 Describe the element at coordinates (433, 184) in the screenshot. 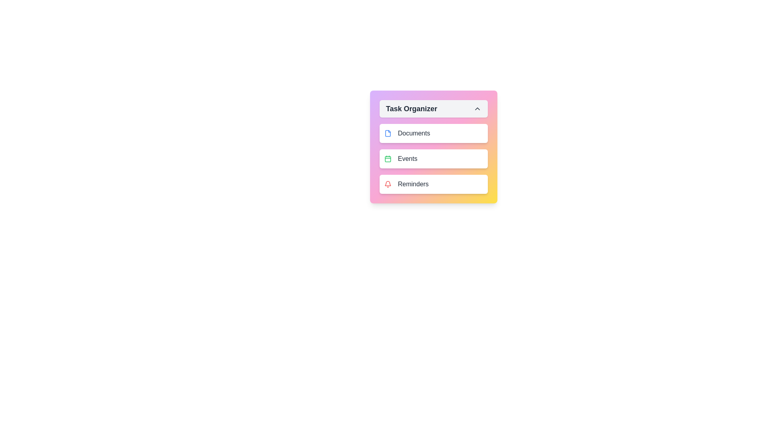

I see `the task item Reminders` at that location.